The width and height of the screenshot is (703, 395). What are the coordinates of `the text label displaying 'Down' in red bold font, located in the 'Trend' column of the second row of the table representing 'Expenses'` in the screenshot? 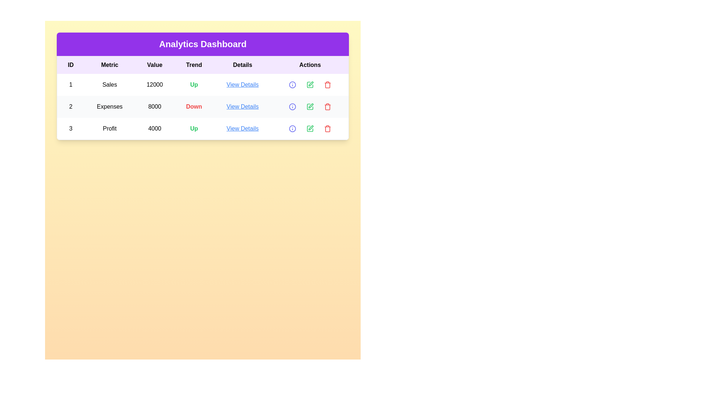 It's located at (194, 107).